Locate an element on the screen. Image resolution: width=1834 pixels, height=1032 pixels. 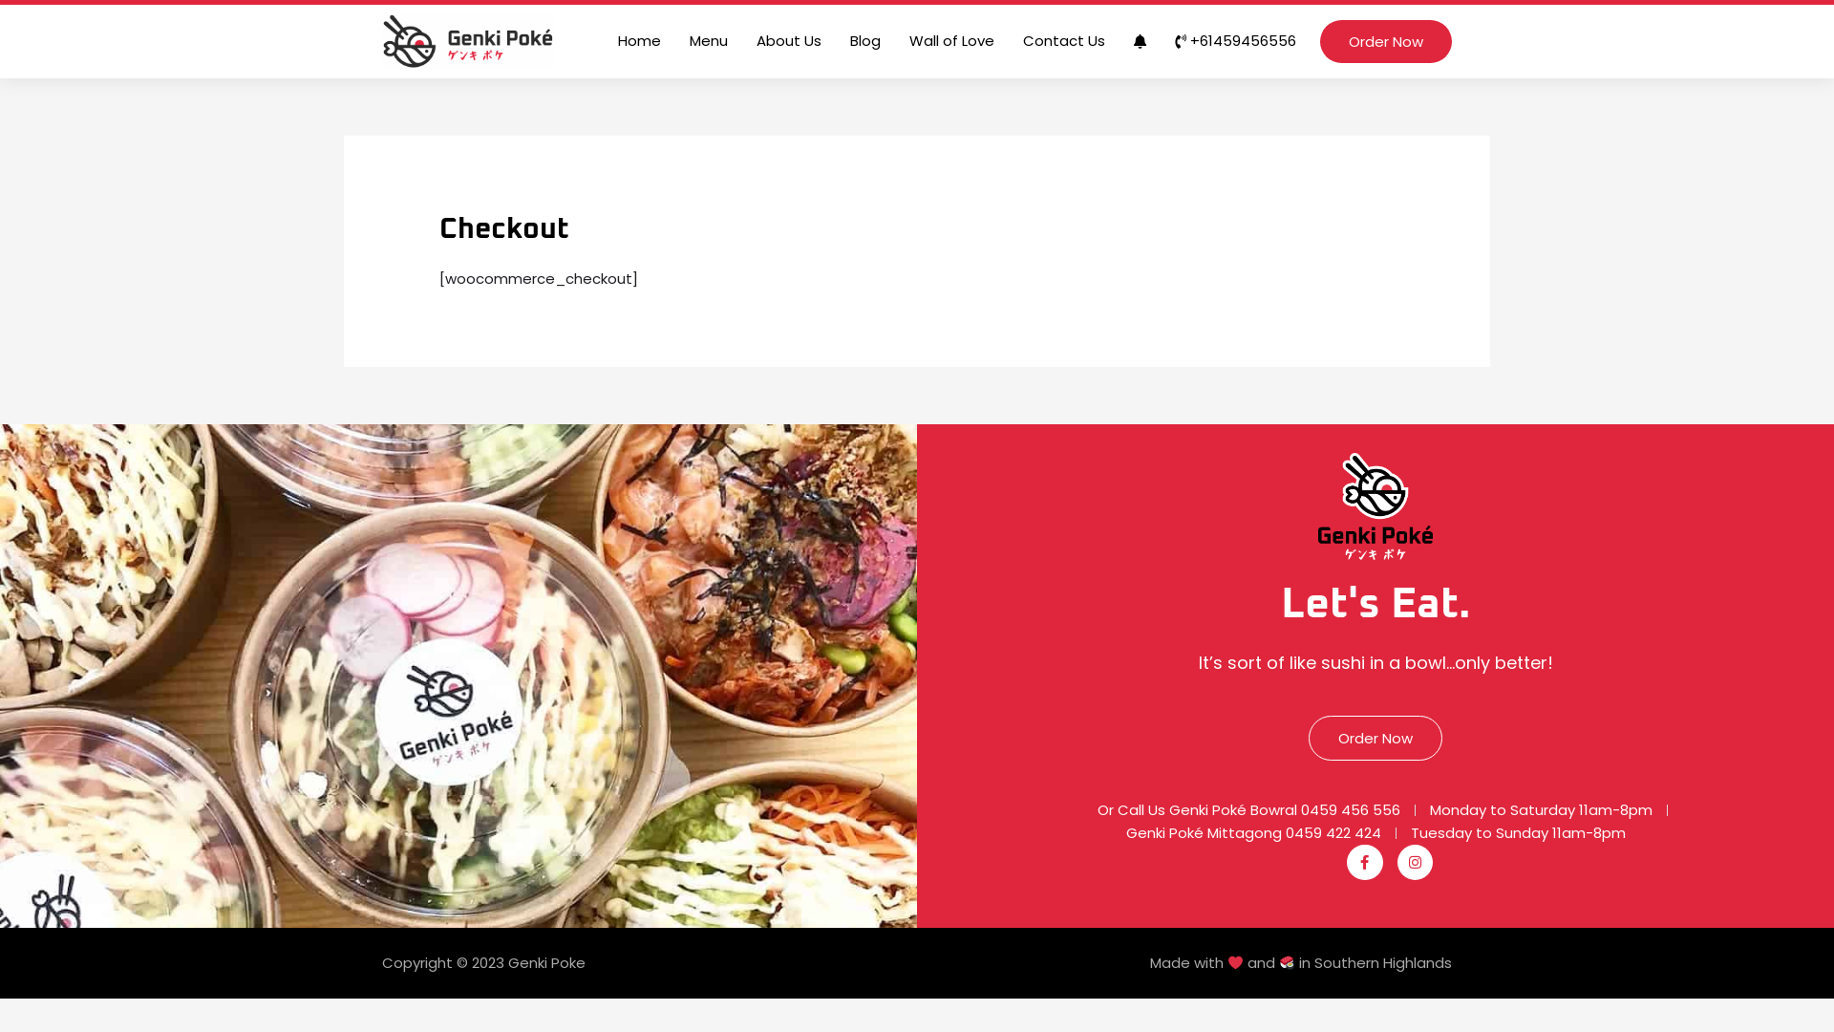
'Blog' is located at coordinates (864, 40).